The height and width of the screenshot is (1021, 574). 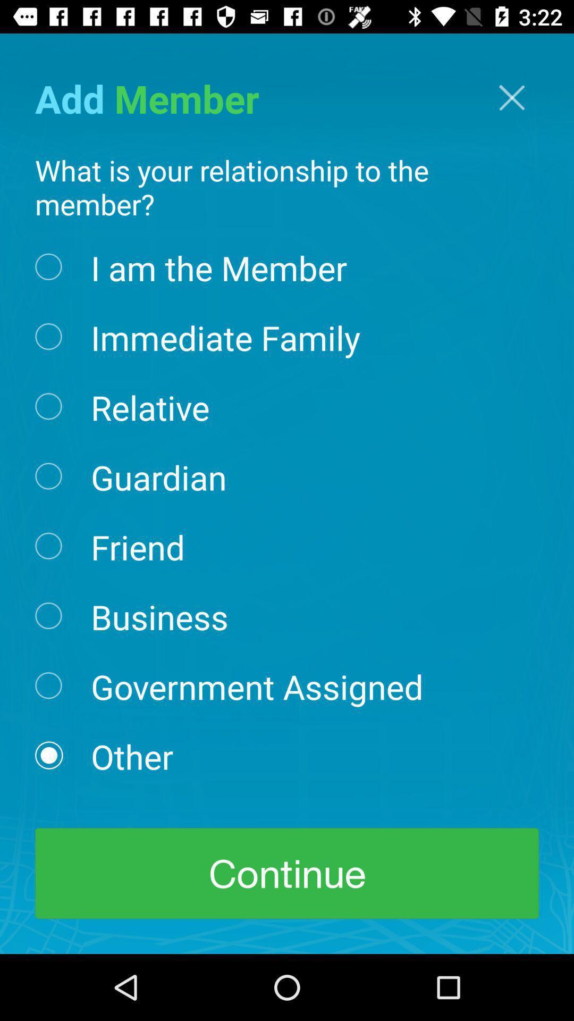 What do you see at coordinates (150, 406) in the screenshot?
I see `the relative icon` at bounding box center [150, 406].